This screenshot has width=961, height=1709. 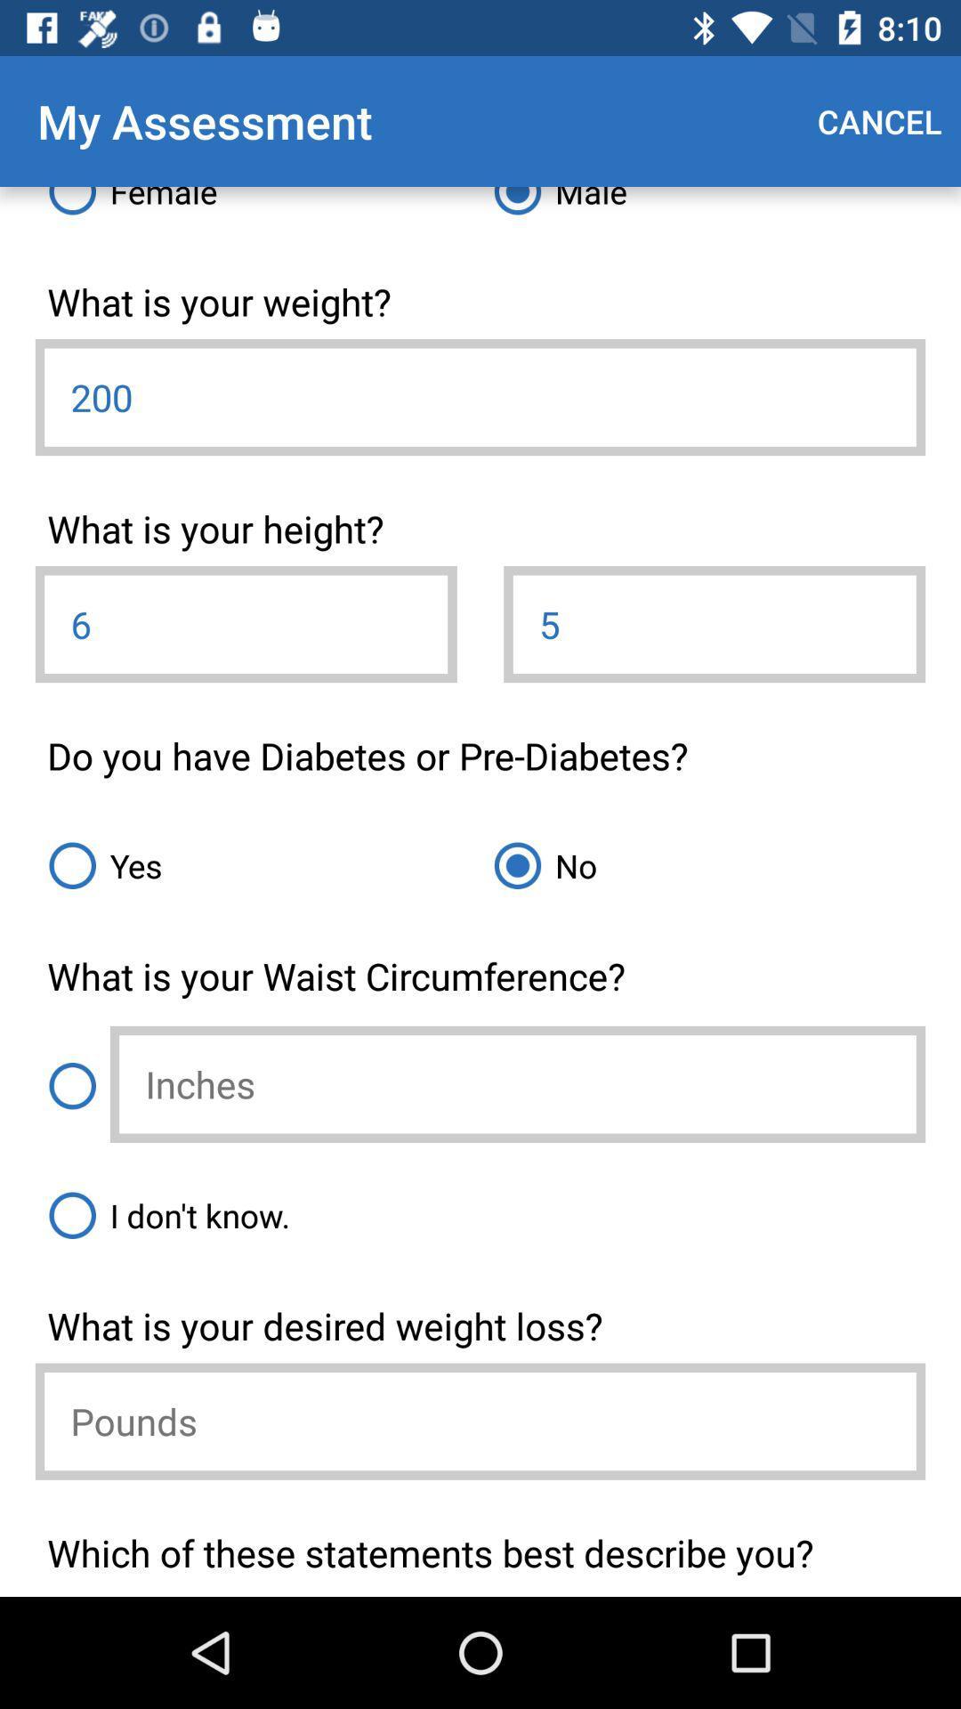 What do you see at coordinates (714, 624) in the screenshot?
I see `the item below the what is your item` at bounding box center [714, 624].